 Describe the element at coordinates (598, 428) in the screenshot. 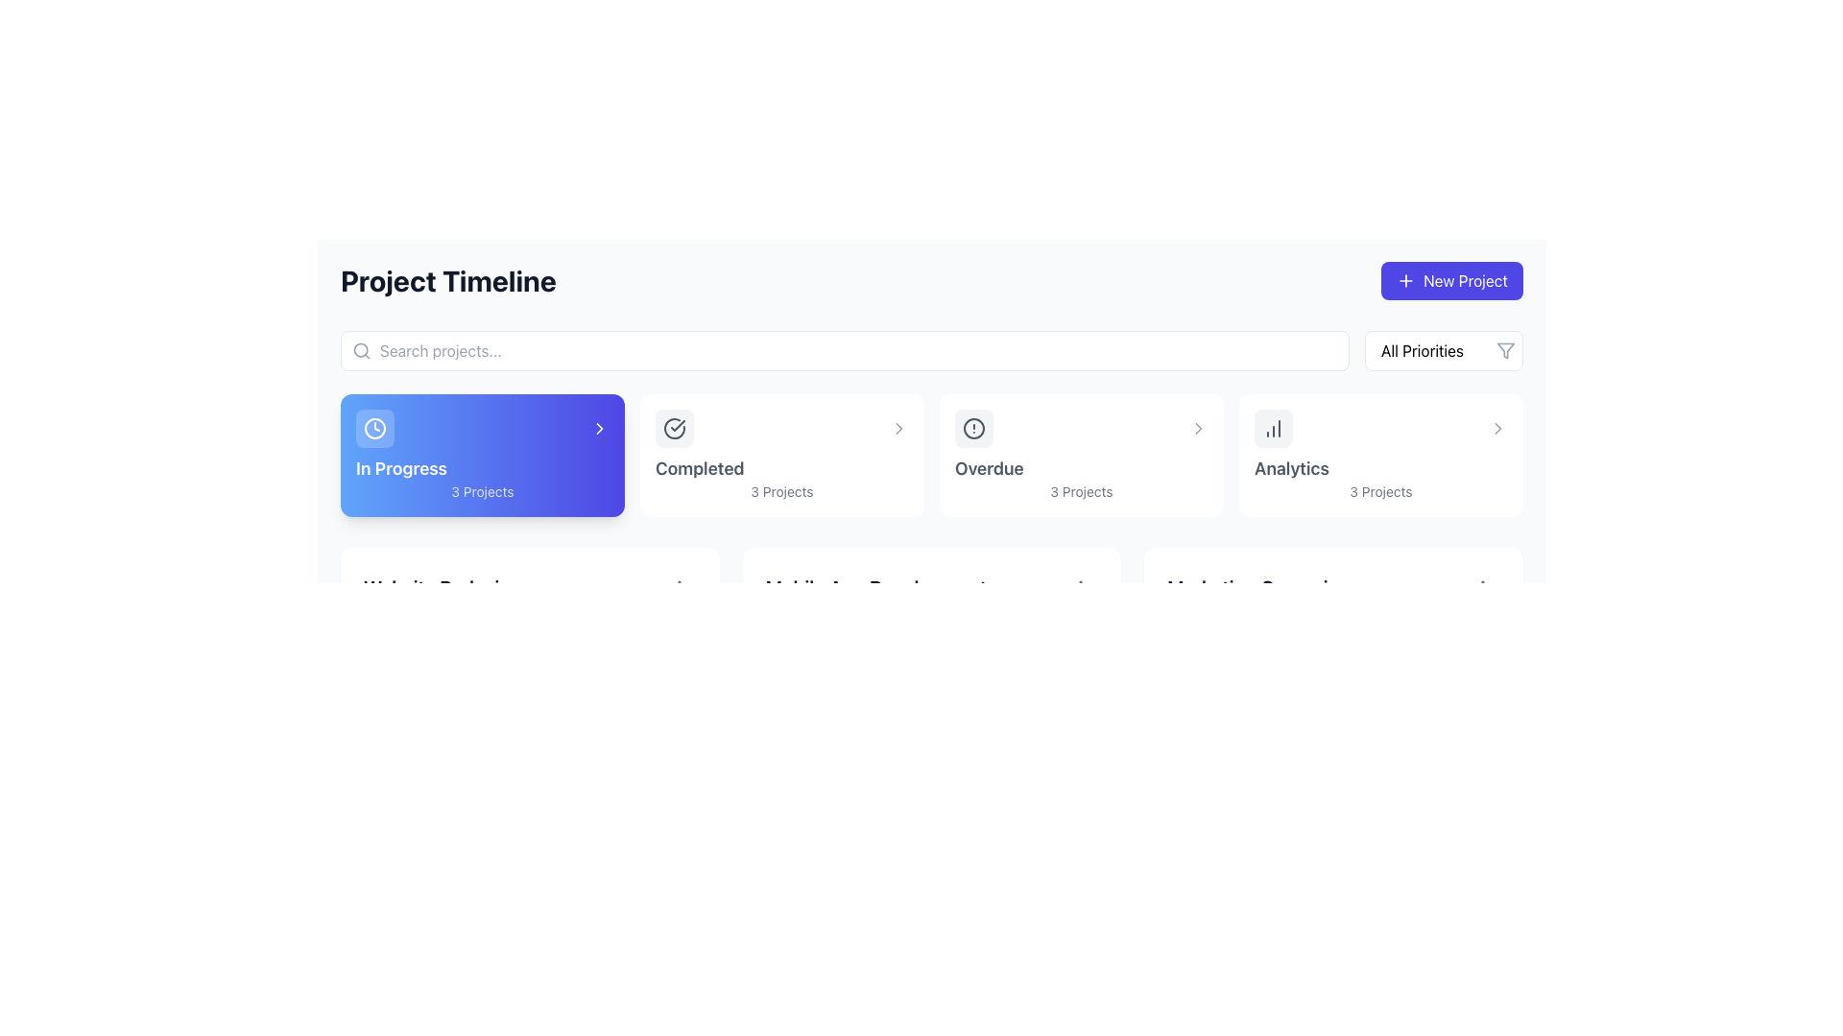

I see `the rightward-pointing chevron icon styled in white against a blue background located in the top-right corner of the 'In Progress' card` at that location.